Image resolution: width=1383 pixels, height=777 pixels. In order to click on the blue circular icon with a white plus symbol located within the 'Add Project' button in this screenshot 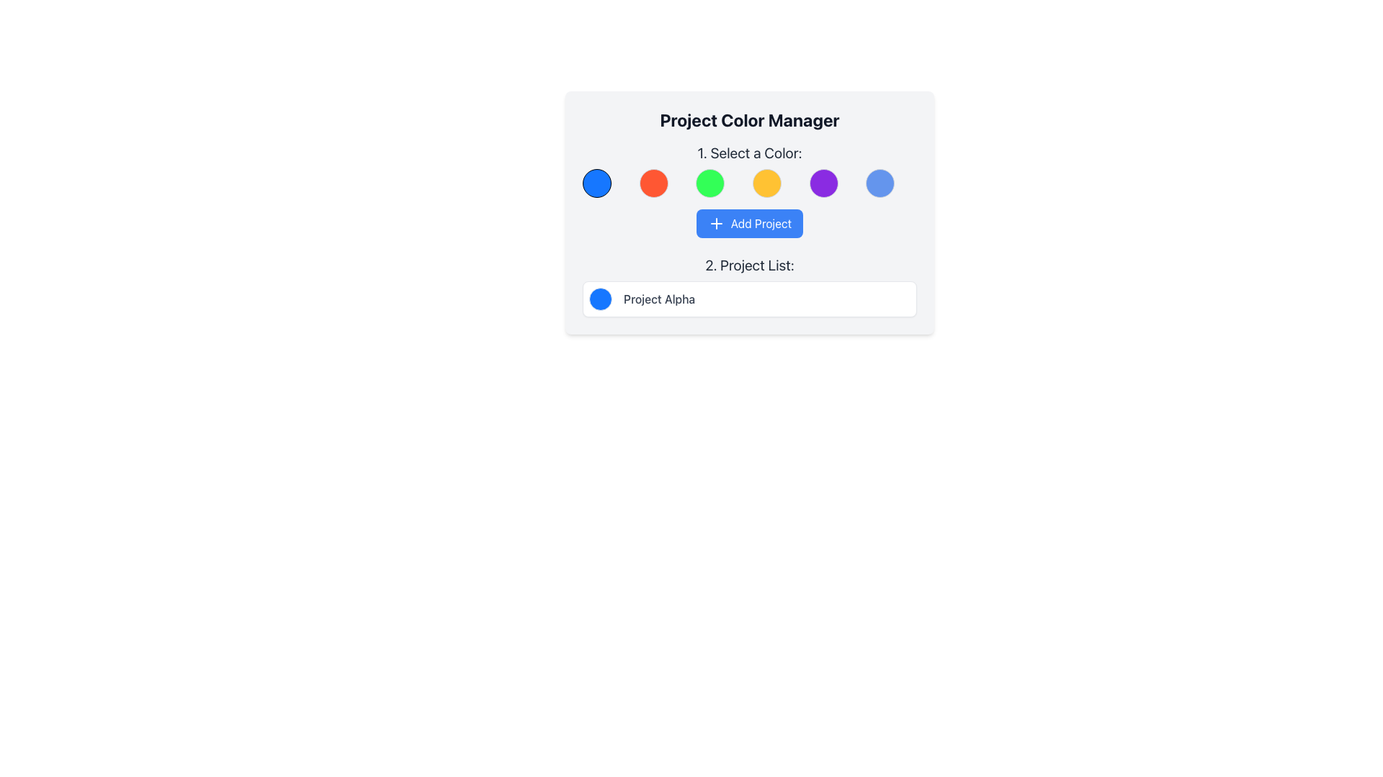, I will do `click(716, 224)`.